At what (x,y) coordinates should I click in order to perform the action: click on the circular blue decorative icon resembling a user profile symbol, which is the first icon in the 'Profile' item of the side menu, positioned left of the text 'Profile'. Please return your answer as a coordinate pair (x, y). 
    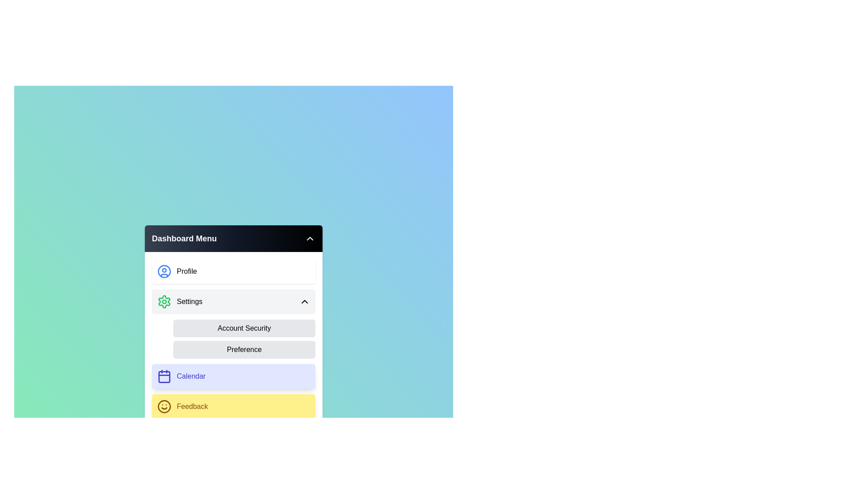
    Looking at the image, I should click on (164, 271).